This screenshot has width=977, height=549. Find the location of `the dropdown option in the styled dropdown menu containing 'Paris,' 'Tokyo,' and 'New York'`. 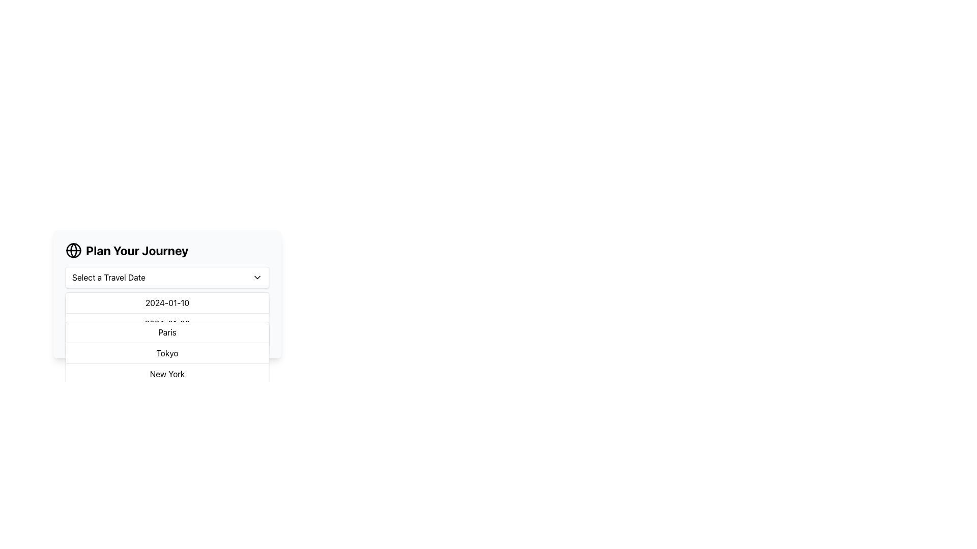

the dropdown option in the styled dropdown menu containing 'Paris,' 'Tokyo,' and 'New York' is located at coordinates (167, 352).